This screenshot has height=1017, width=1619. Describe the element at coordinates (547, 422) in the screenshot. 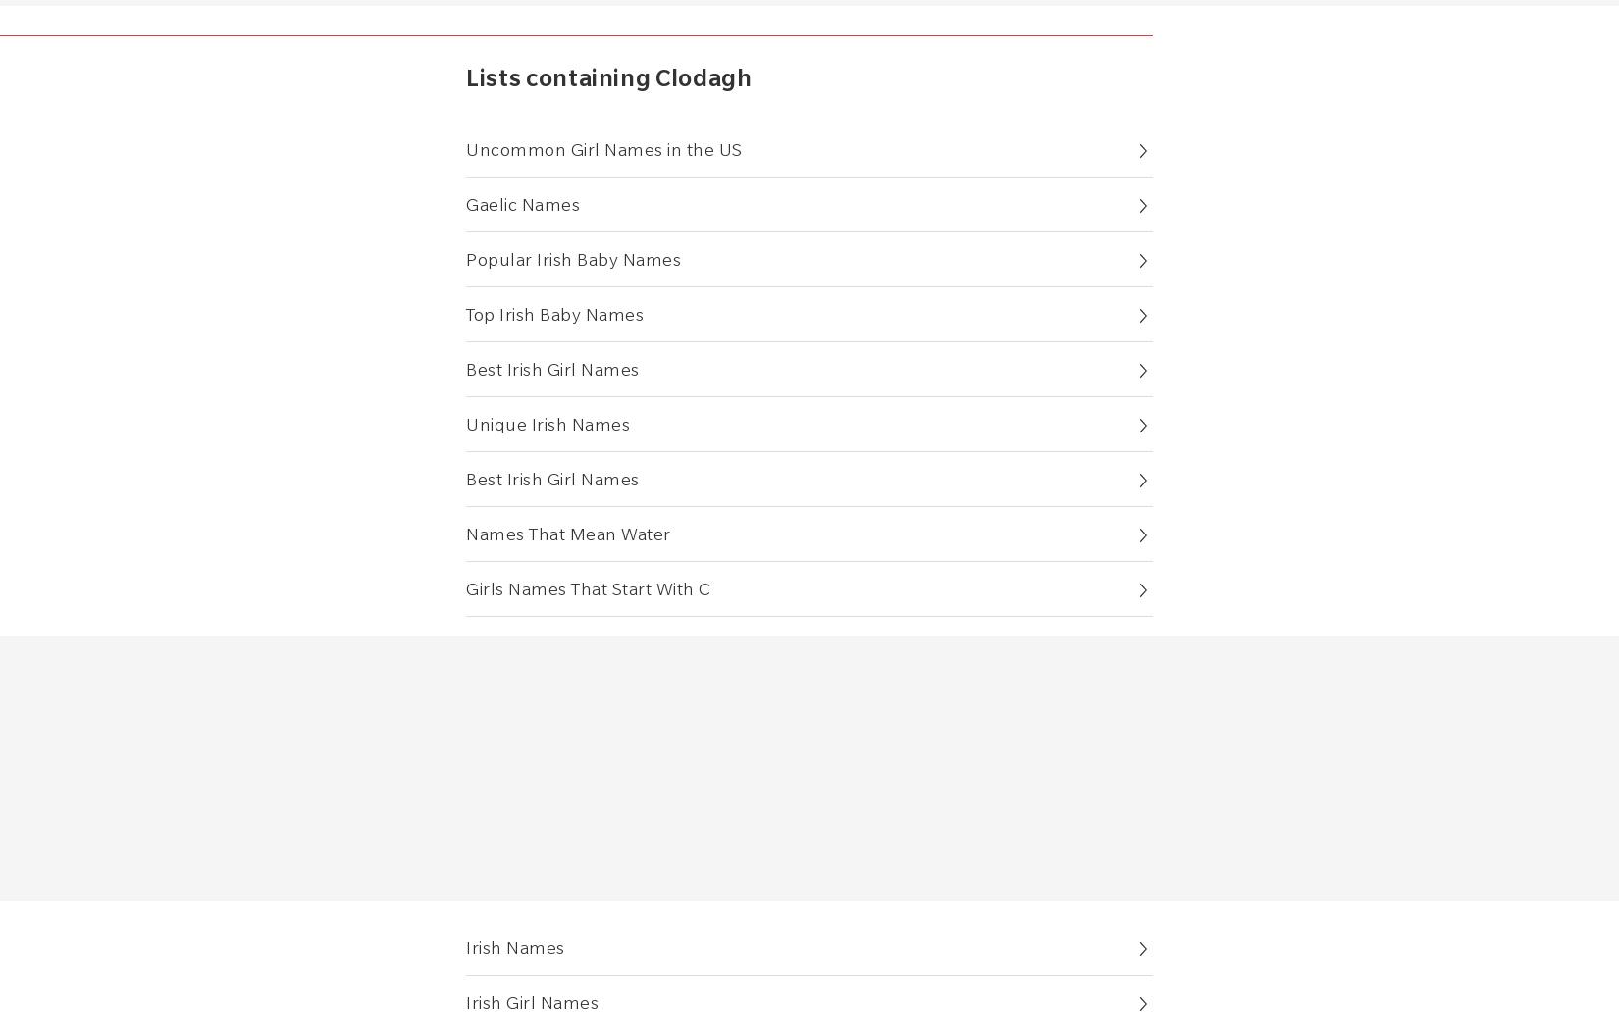

I see `'Unique Irish Names'` at that location.